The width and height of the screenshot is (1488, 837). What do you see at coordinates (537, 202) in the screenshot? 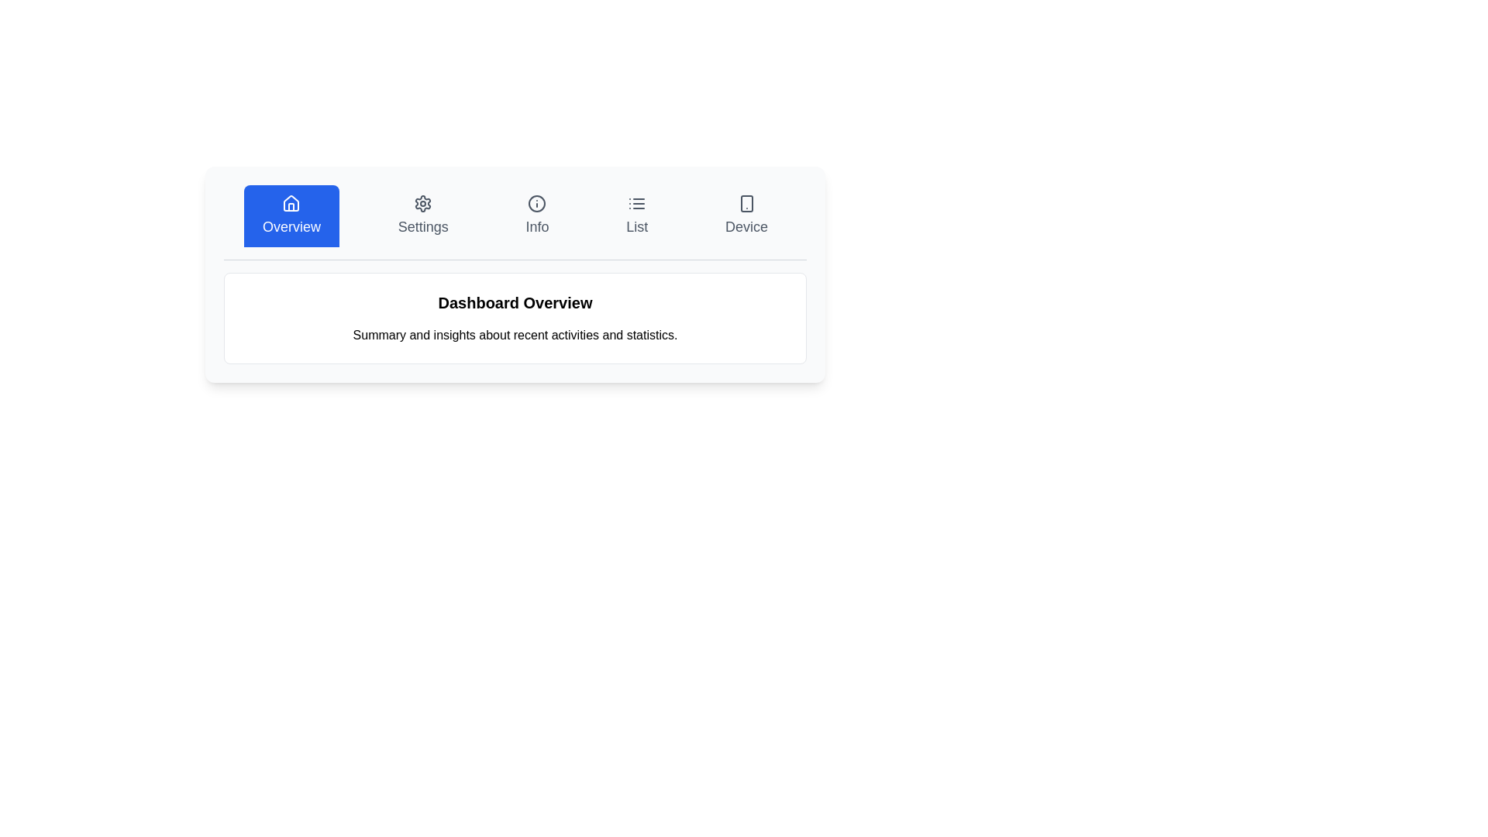
I see `the SVG Circle Element located in the Info tab of the navigation bar, which visually represents informational or alert cues` at bounding box center [537, 202].